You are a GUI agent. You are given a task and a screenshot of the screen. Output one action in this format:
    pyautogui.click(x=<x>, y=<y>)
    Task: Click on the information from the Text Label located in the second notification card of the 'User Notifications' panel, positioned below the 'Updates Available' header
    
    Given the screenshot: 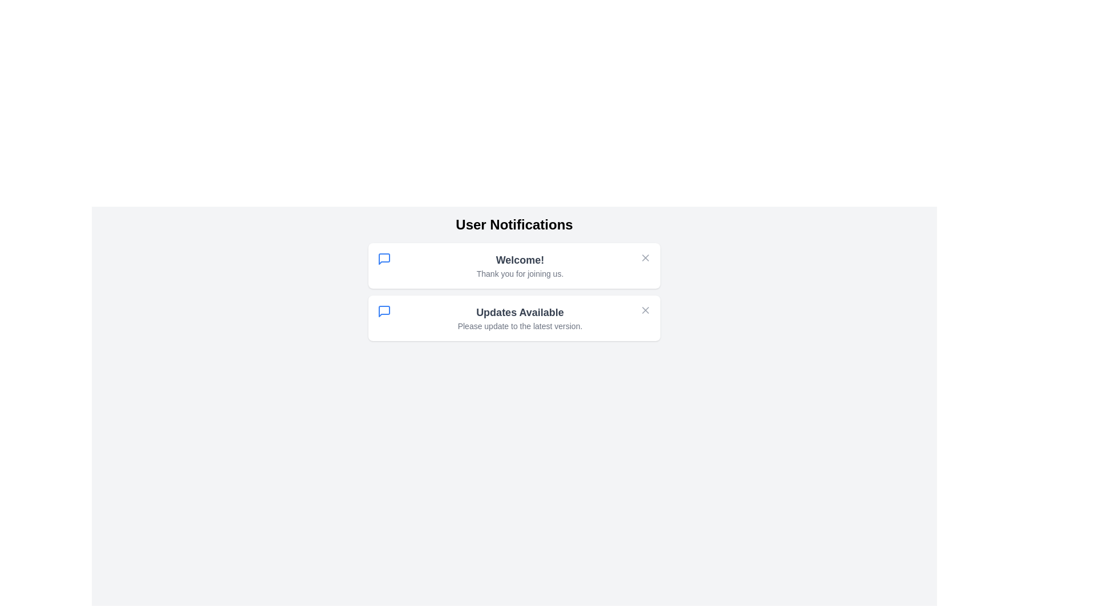 What is the action you would take?
    pyautogui.click(x=520, y=326)
    